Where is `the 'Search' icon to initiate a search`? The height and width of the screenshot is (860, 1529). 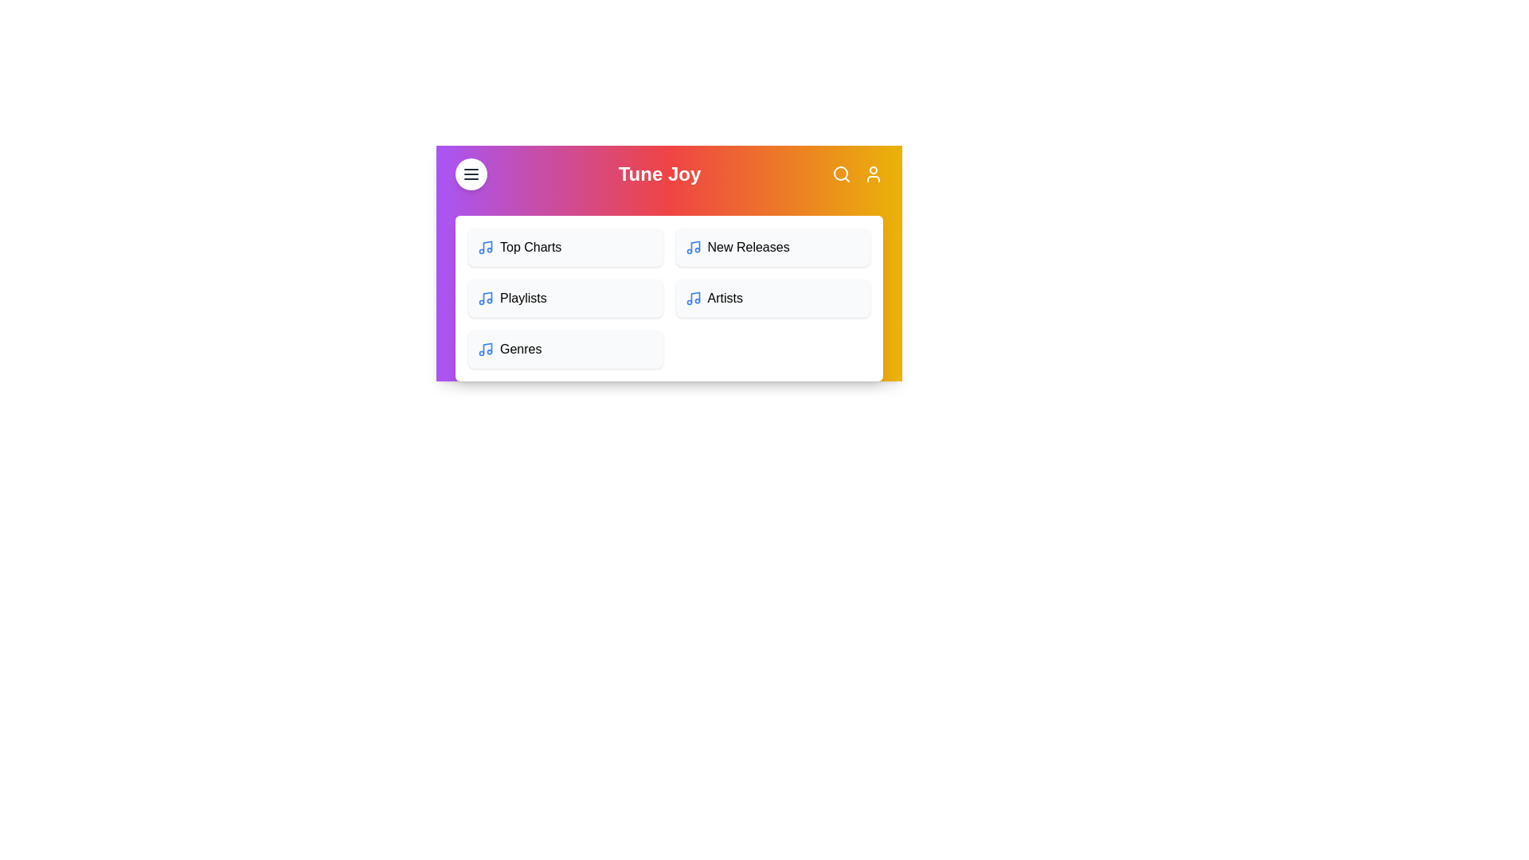 the 'Search' icon to initiate a search is located at coordinates (840, 174).